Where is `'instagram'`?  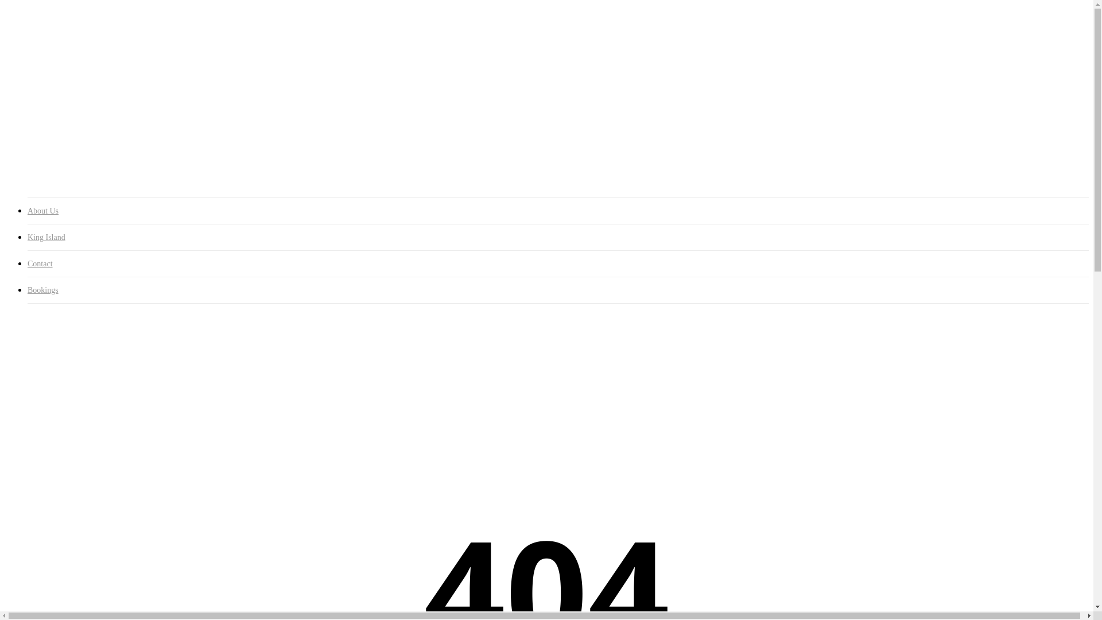 'instagram' is located at coordinates (28, 40).